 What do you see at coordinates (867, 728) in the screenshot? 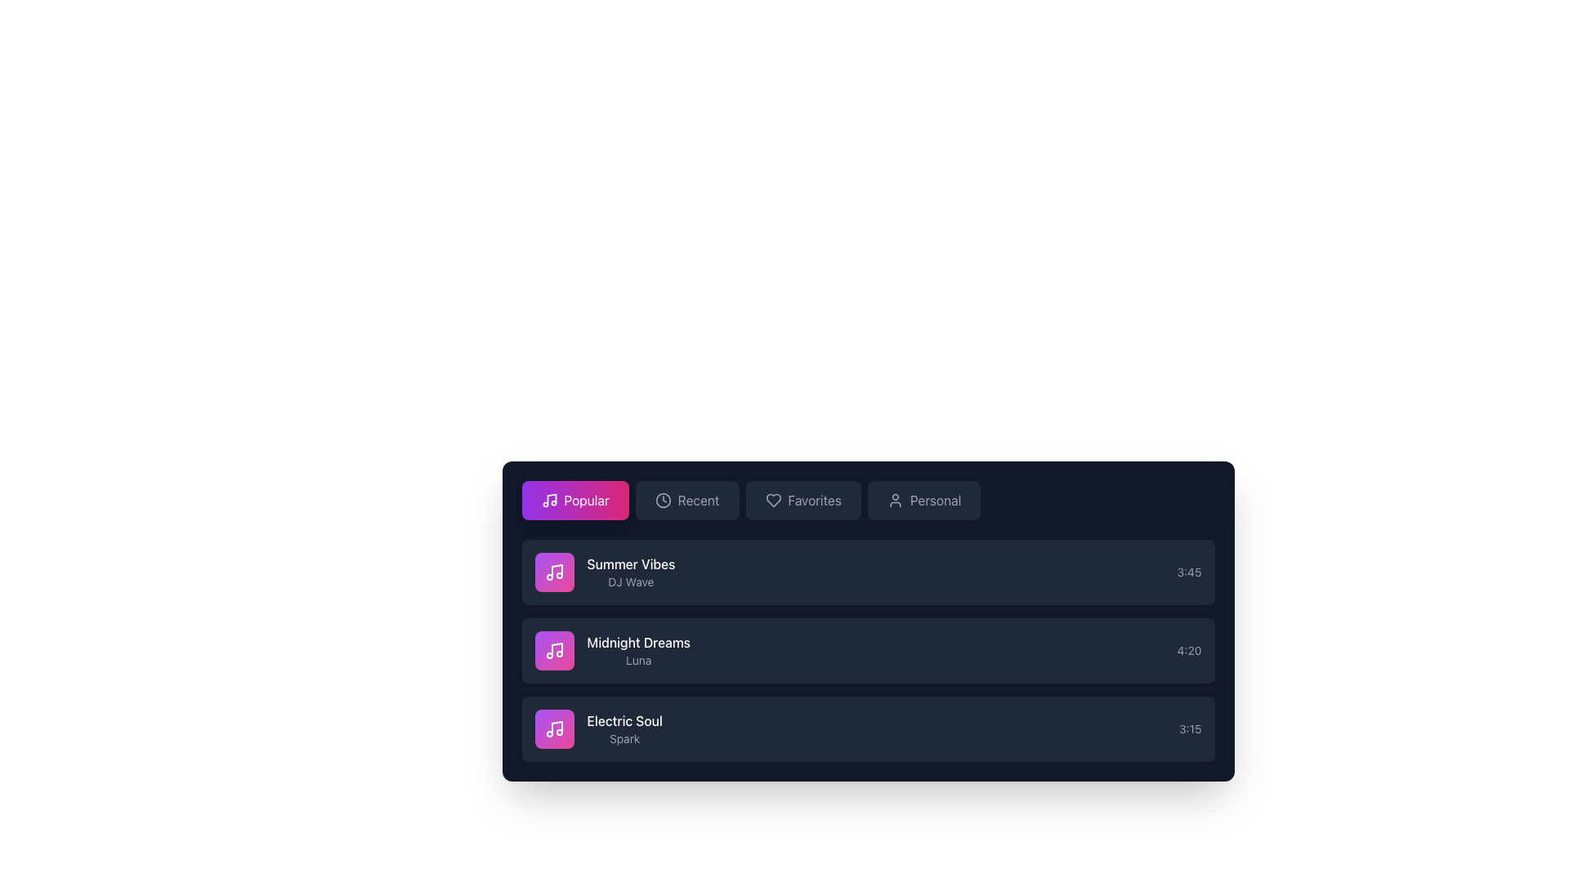
I see `the third list item representing media content titled 'Electric Soul'` at bounding box center [867, 728].